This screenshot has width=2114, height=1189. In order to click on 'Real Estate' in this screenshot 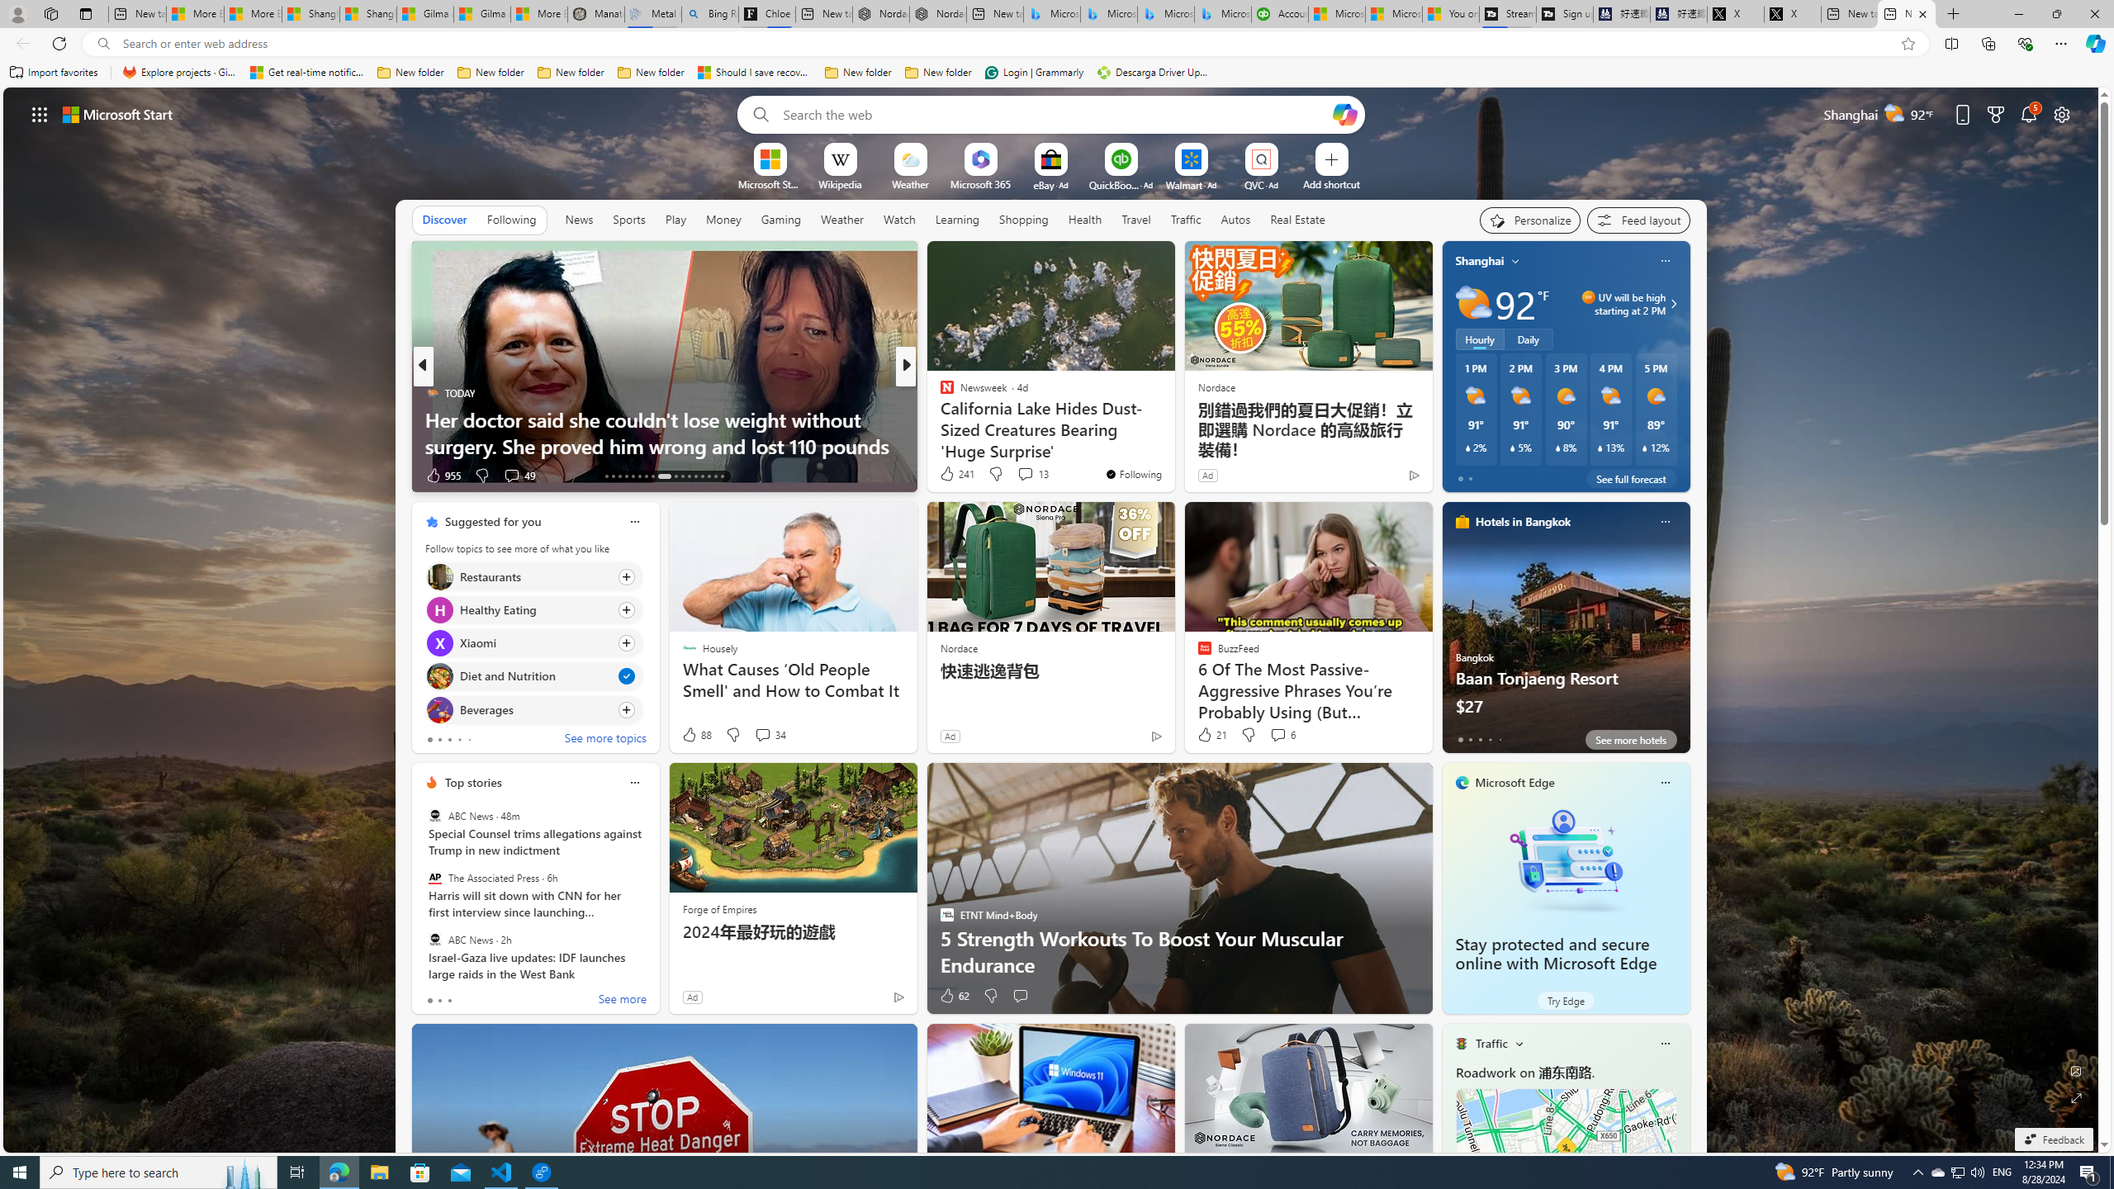, I will do `click(1296, 219)`.